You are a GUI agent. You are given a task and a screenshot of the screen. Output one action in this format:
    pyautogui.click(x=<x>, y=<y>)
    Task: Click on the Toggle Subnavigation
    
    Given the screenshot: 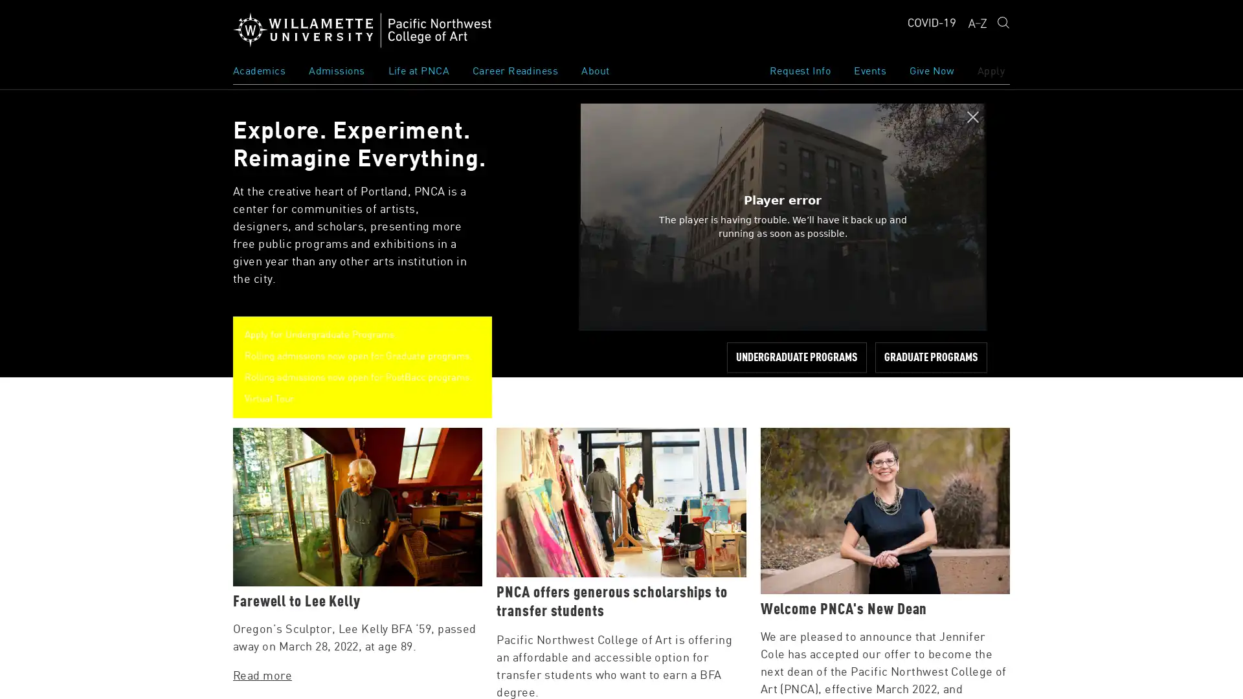 What is the action you would take?
    pyautogui.click(x=336, y=72)
    